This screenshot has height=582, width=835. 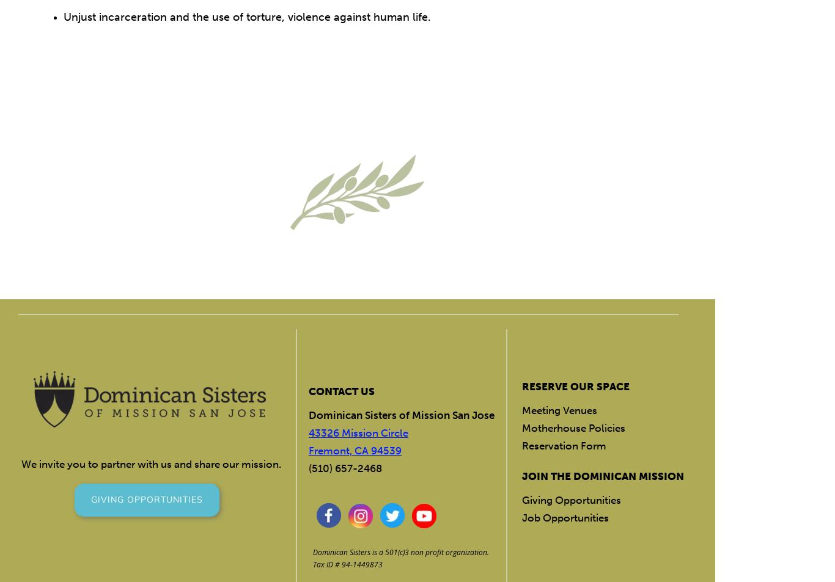 What do you see at coordinates (347, 564) in the screenshot?
I see `'Tax ID # 94-1449873'` at bounding box center [347, 564].